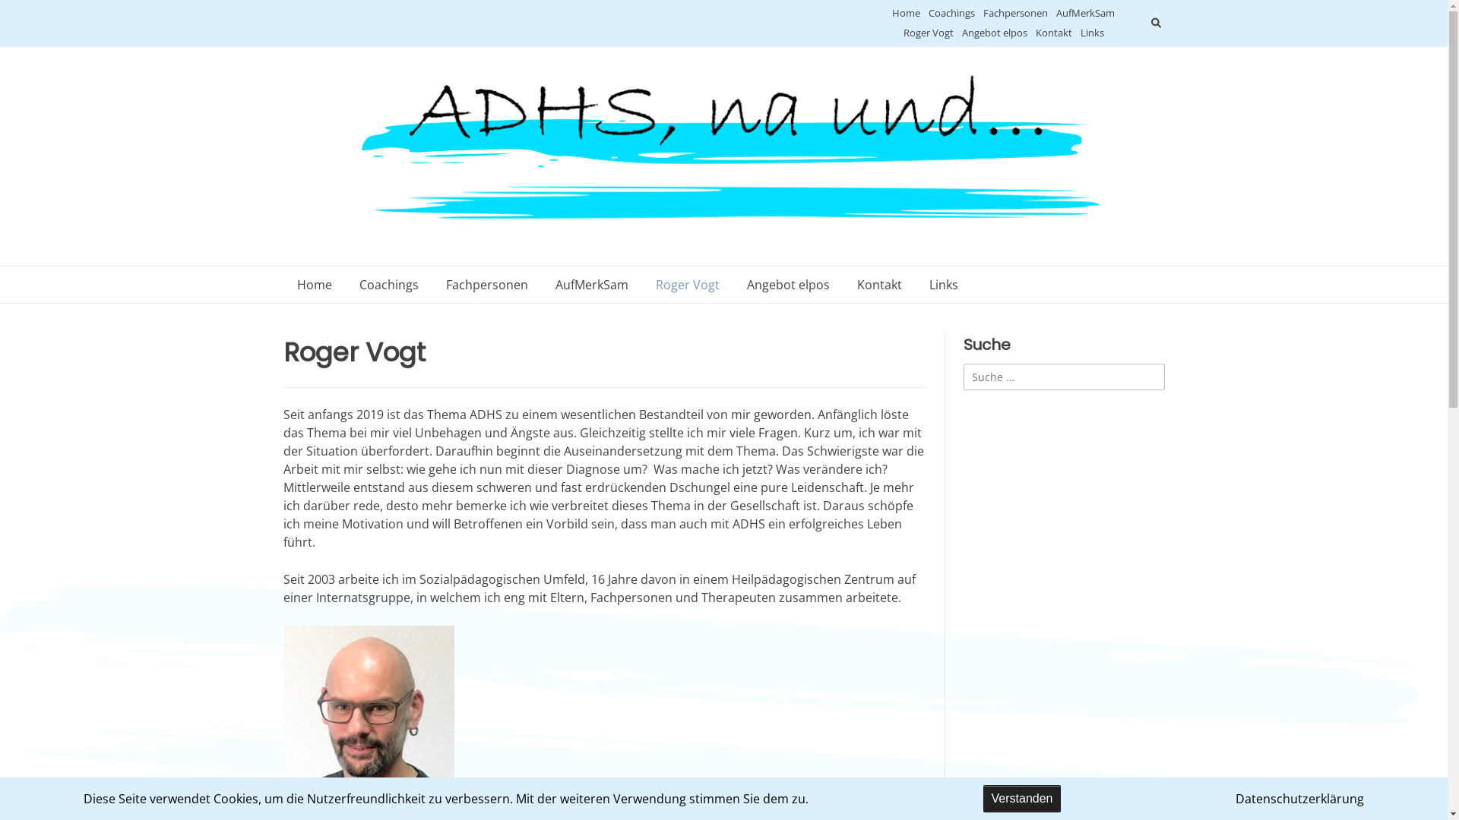 This screenshot has height=820, width=1459. What do you see at coordinates (995, 32) in the screenshot?
I see `'Angebot elpos'` at bounding box center [995, 32].